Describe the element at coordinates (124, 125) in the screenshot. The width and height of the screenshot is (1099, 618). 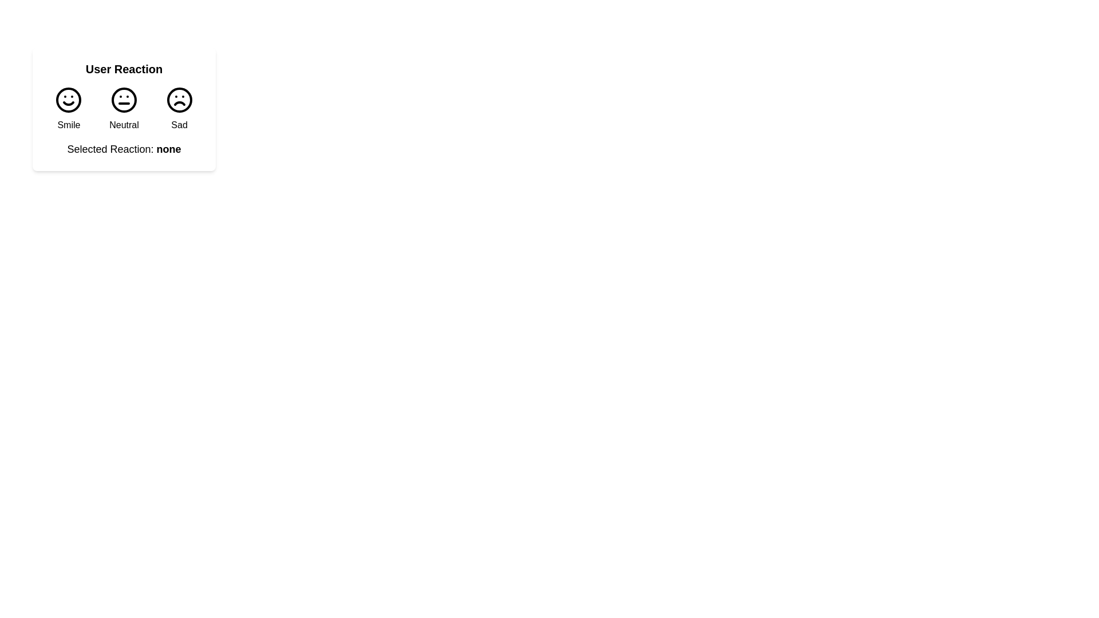
I see `the text label for the middle reaction option, which is positioned under the neutral face icon in the reaction selection interface` at that location.